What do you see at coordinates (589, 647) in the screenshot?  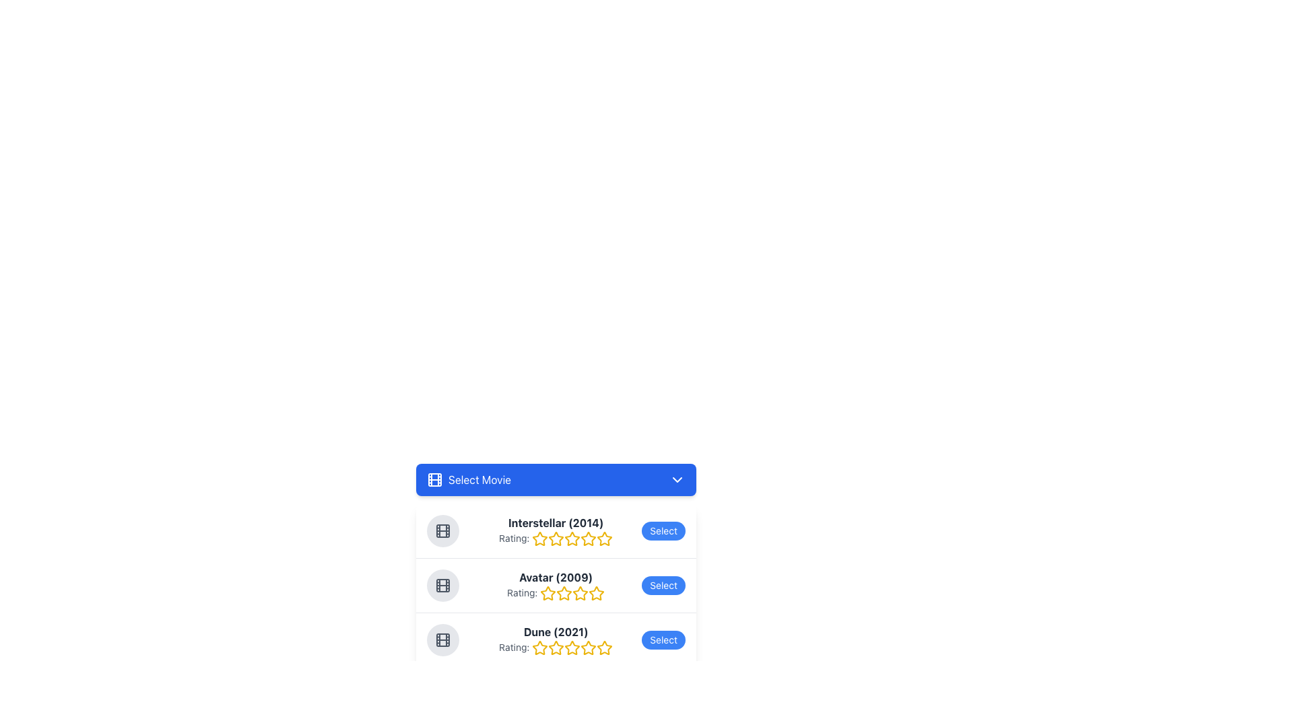 I see `the fifth rating star icon for the movie 'Dune (2021)', which is located in a horizontal row of rating stars` at bounding box center [589, 647].